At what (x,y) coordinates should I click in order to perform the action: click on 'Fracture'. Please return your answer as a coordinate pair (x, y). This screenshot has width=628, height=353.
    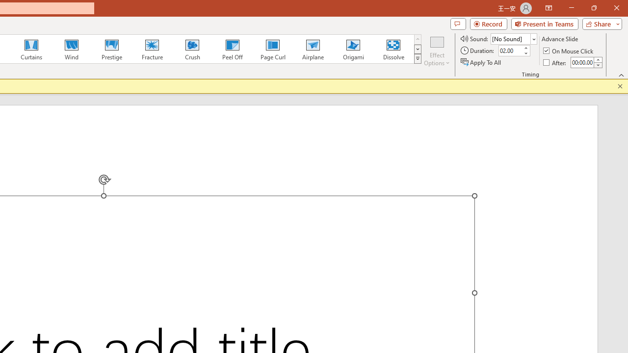
    Looking at the image, I should click on (151, 49).